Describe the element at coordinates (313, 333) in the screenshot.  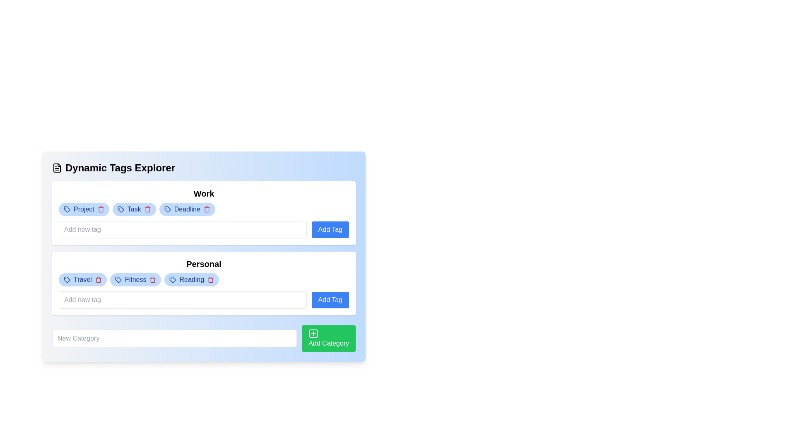
I see `the square icon with rounded corners featuring a '+' symbol, which is embedded in the green 'Add Category' button located at the bottom-right corner of the interface` at that location.